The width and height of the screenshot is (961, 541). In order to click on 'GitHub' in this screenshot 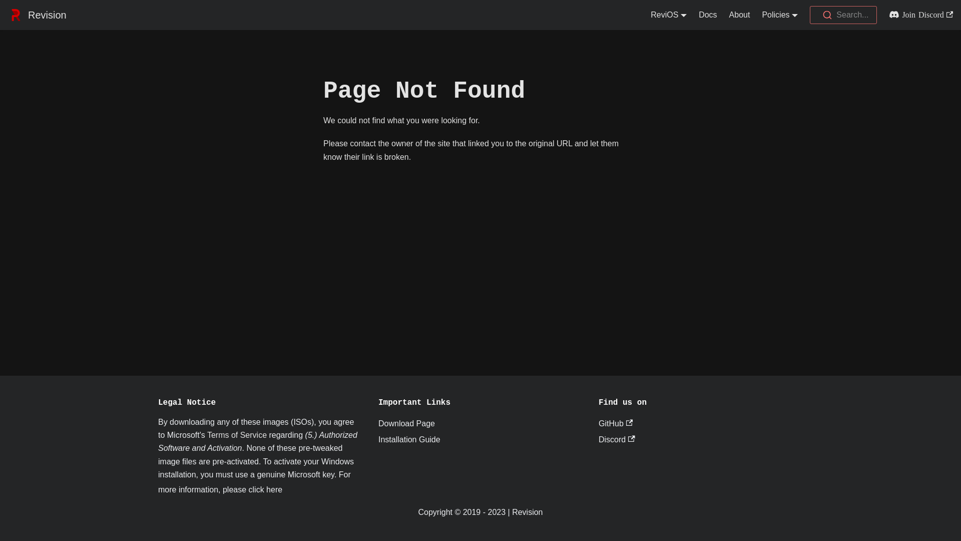, I will do `click(615, 423)`.